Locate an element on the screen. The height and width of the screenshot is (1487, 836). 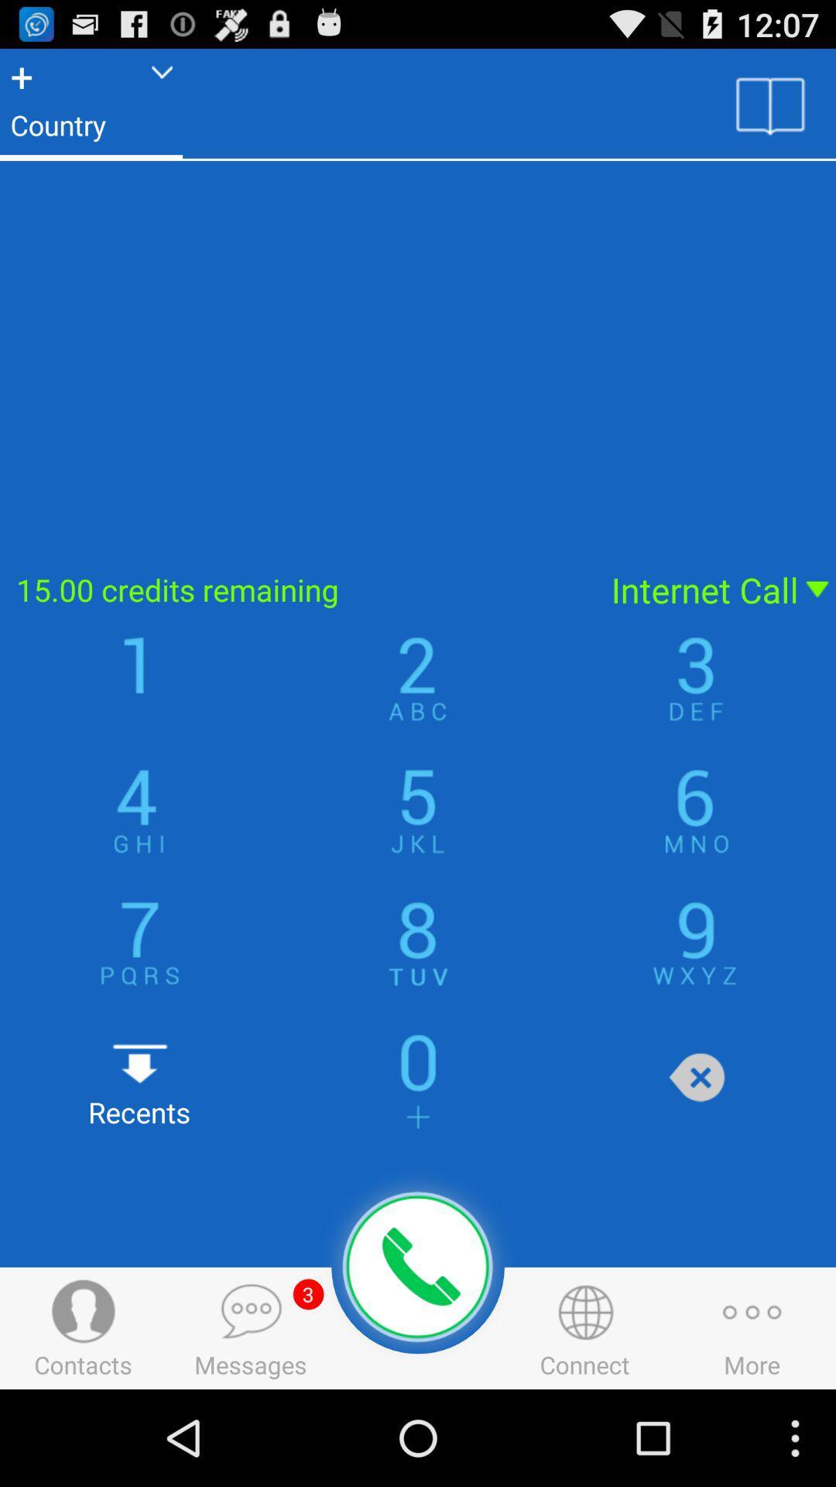
address book is located at coordinates (770, 104).